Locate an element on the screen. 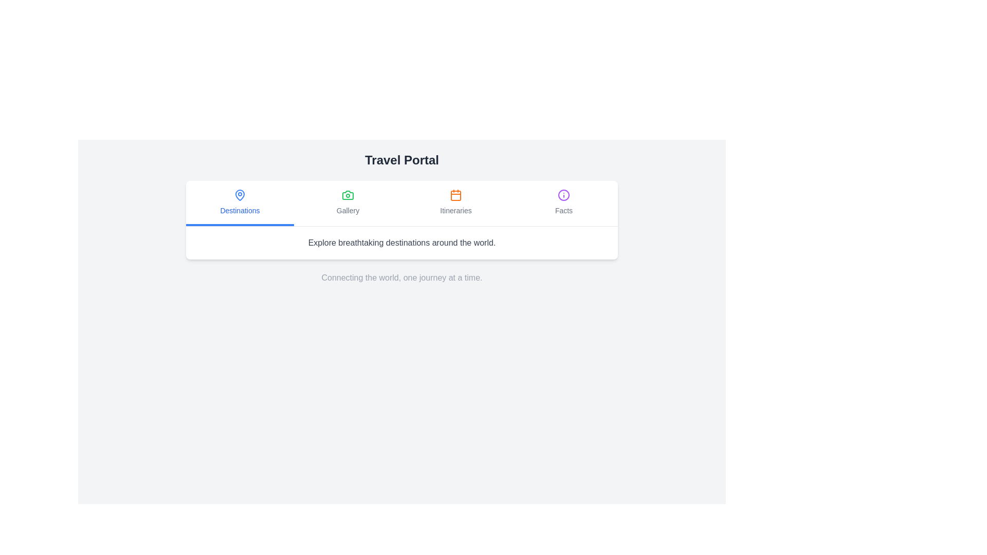  the text label located directly below the circular information icon in the top navigation section is located at coordinates (563, 210).